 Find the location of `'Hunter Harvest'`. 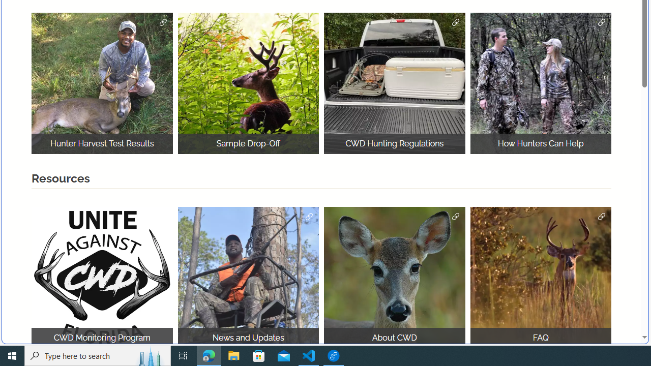

'Hunter Harvest' is located at coordinates (102, 83).